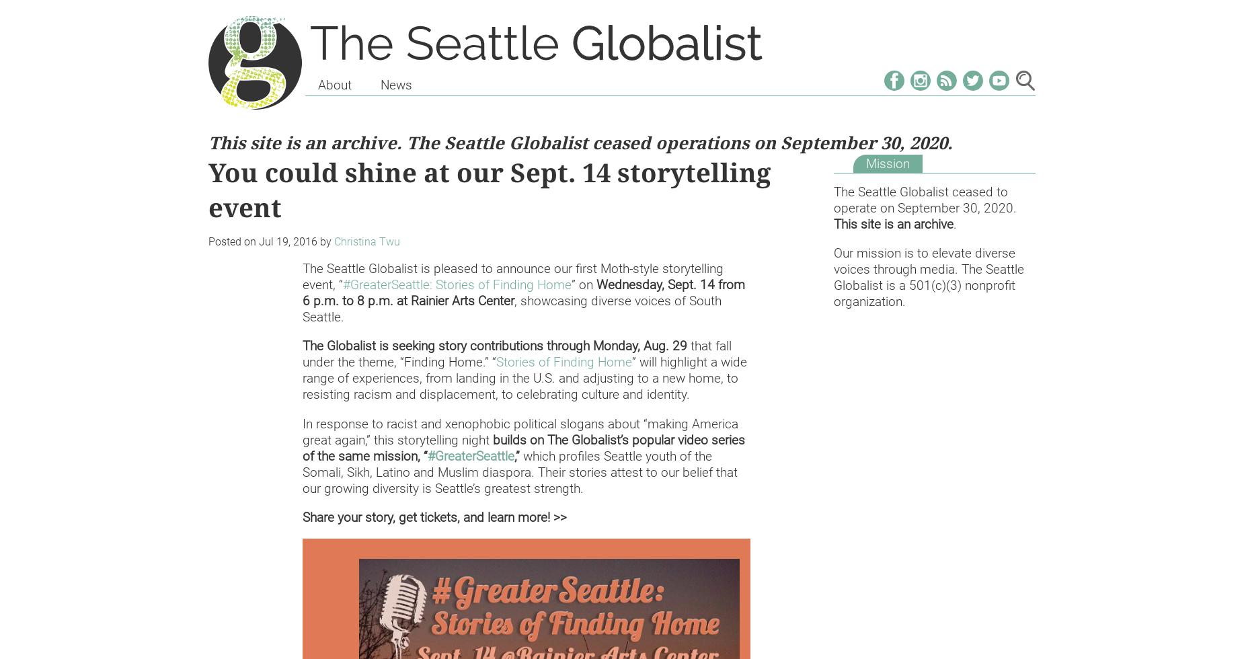 This screenshot has width=1244, height=659. I want to click on 'Jul 19, 2016', so click(287, 241).